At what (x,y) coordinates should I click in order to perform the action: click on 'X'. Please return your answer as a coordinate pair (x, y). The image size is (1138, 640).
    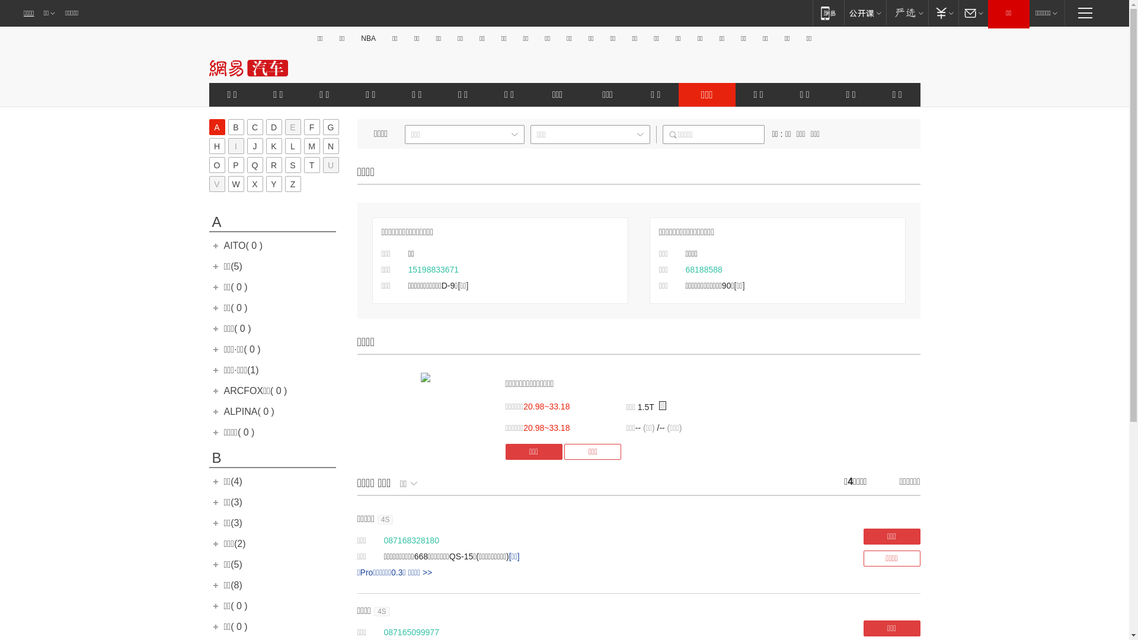
    Looking at the image, I should click on (254, 184).